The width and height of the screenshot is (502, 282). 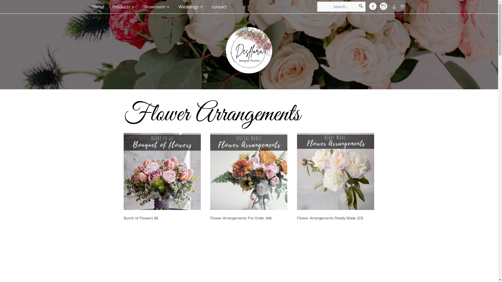 What do you see at coordinates (209, 7) in the screenshot?
I see `'contact'` at bounding box center [209, 7].